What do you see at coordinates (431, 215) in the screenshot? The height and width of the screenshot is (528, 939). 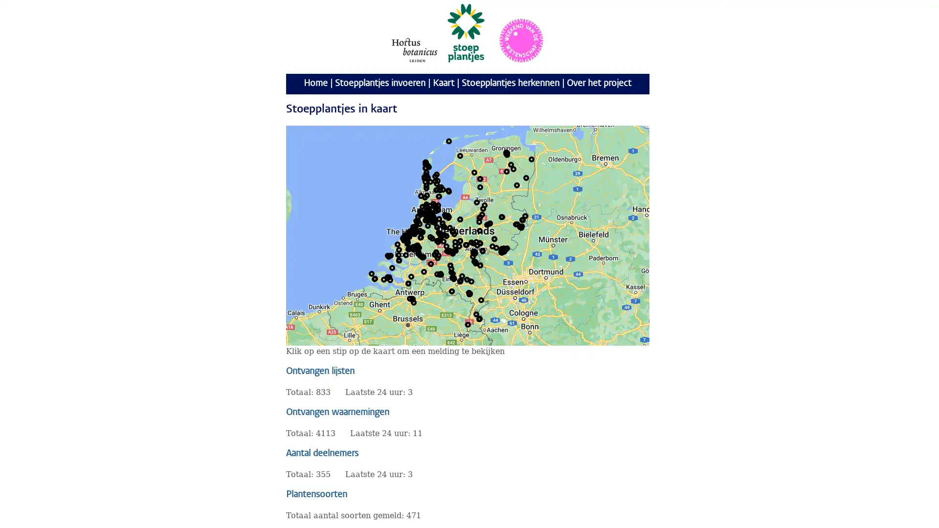 I see `Telling van Willem op 14 april 2022` at bounding box center [431, 215].